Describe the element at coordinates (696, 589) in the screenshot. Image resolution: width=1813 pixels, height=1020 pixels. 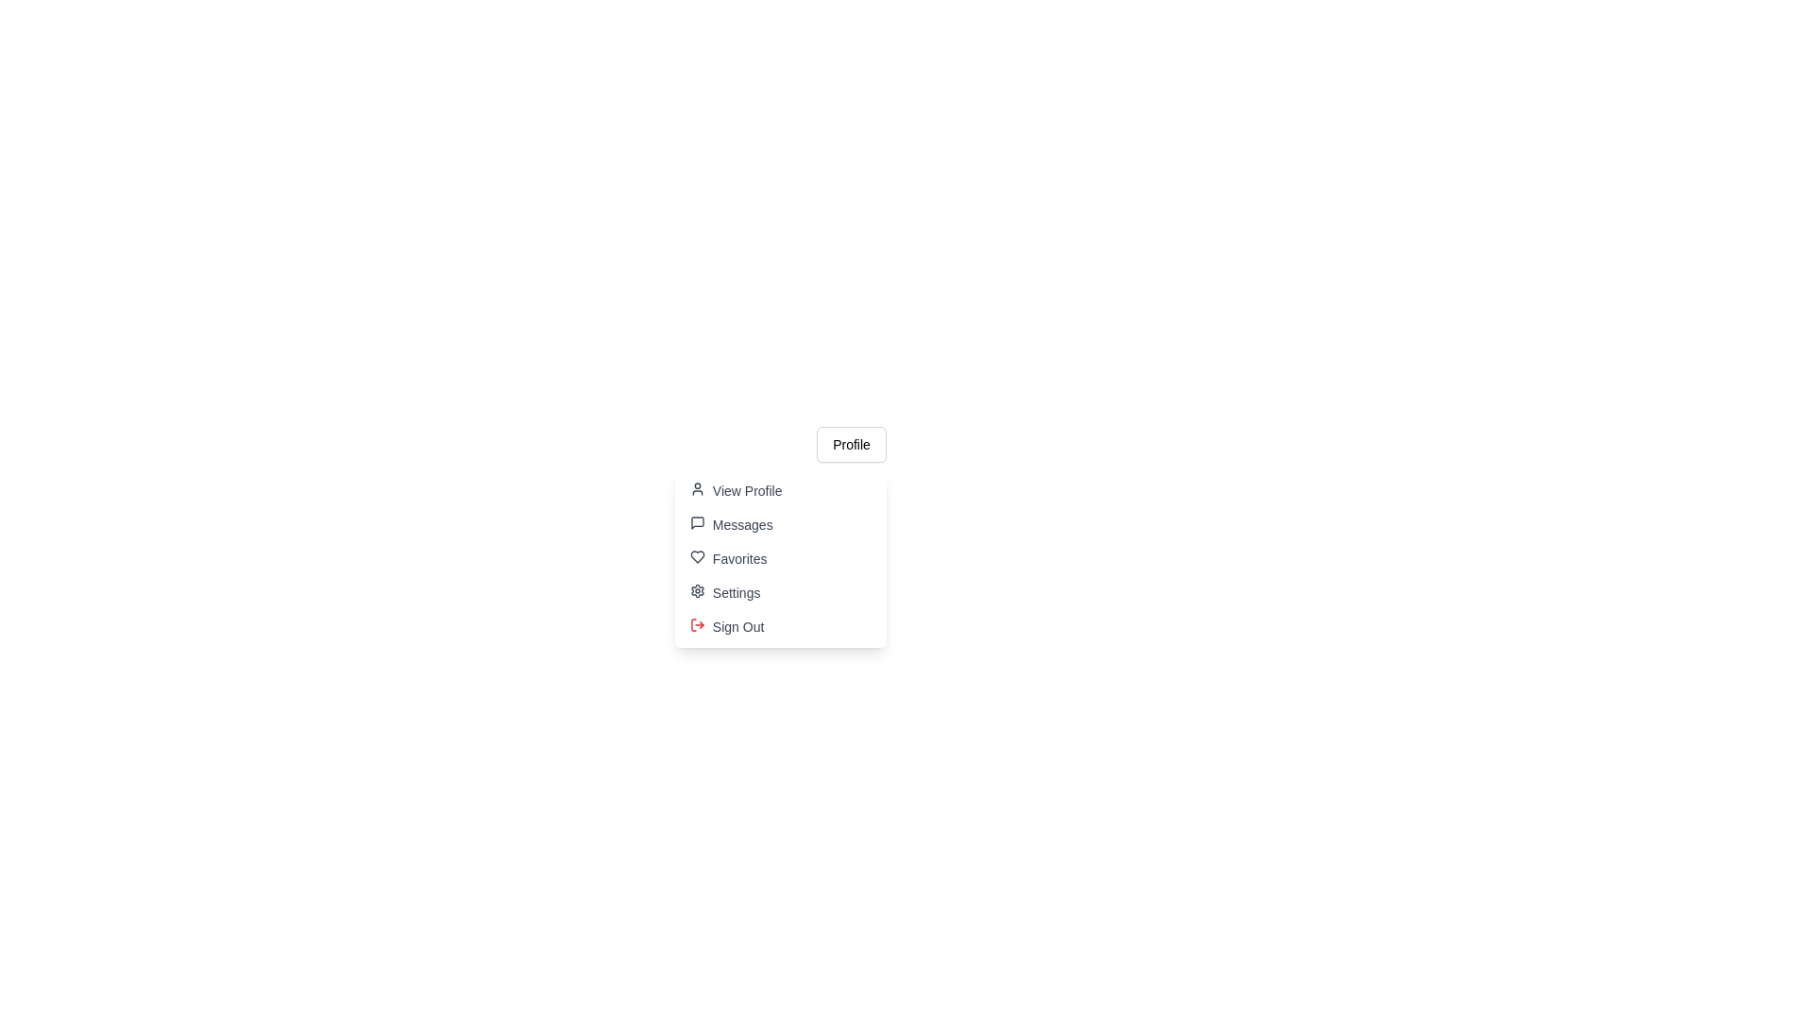
I see `the 'Settings' icon located in the dropdown menu, which is positioned to the left of the text label 'Settings'` at that location.